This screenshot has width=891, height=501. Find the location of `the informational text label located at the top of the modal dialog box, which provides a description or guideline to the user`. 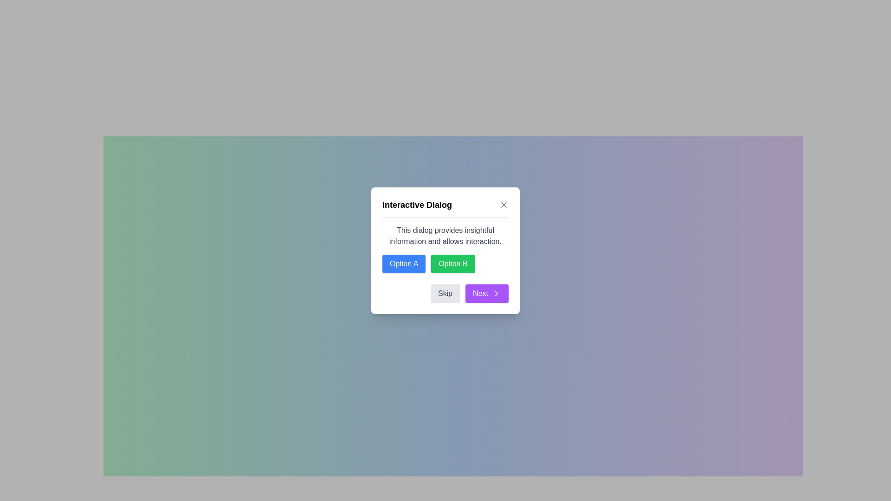

the informational text label located at the top of the modal dialog box, which provides a description or guideline to the user is located at coordinates (445, 235).